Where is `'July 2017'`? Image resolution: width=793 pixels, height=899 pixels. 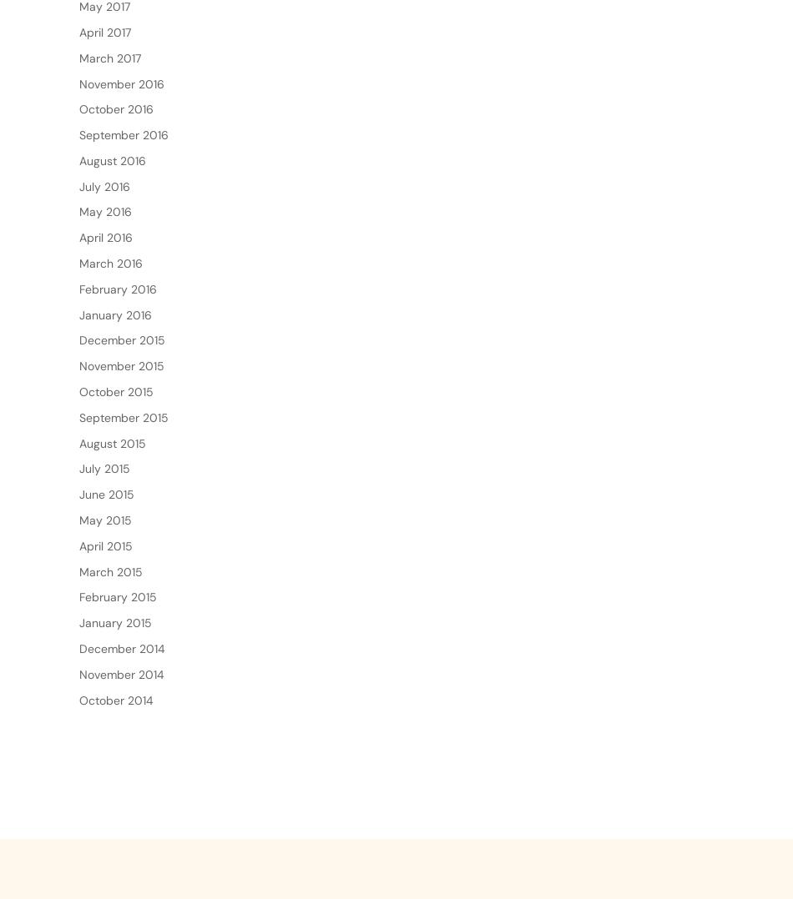 'July 2017' is located at coordinates (104, 8).